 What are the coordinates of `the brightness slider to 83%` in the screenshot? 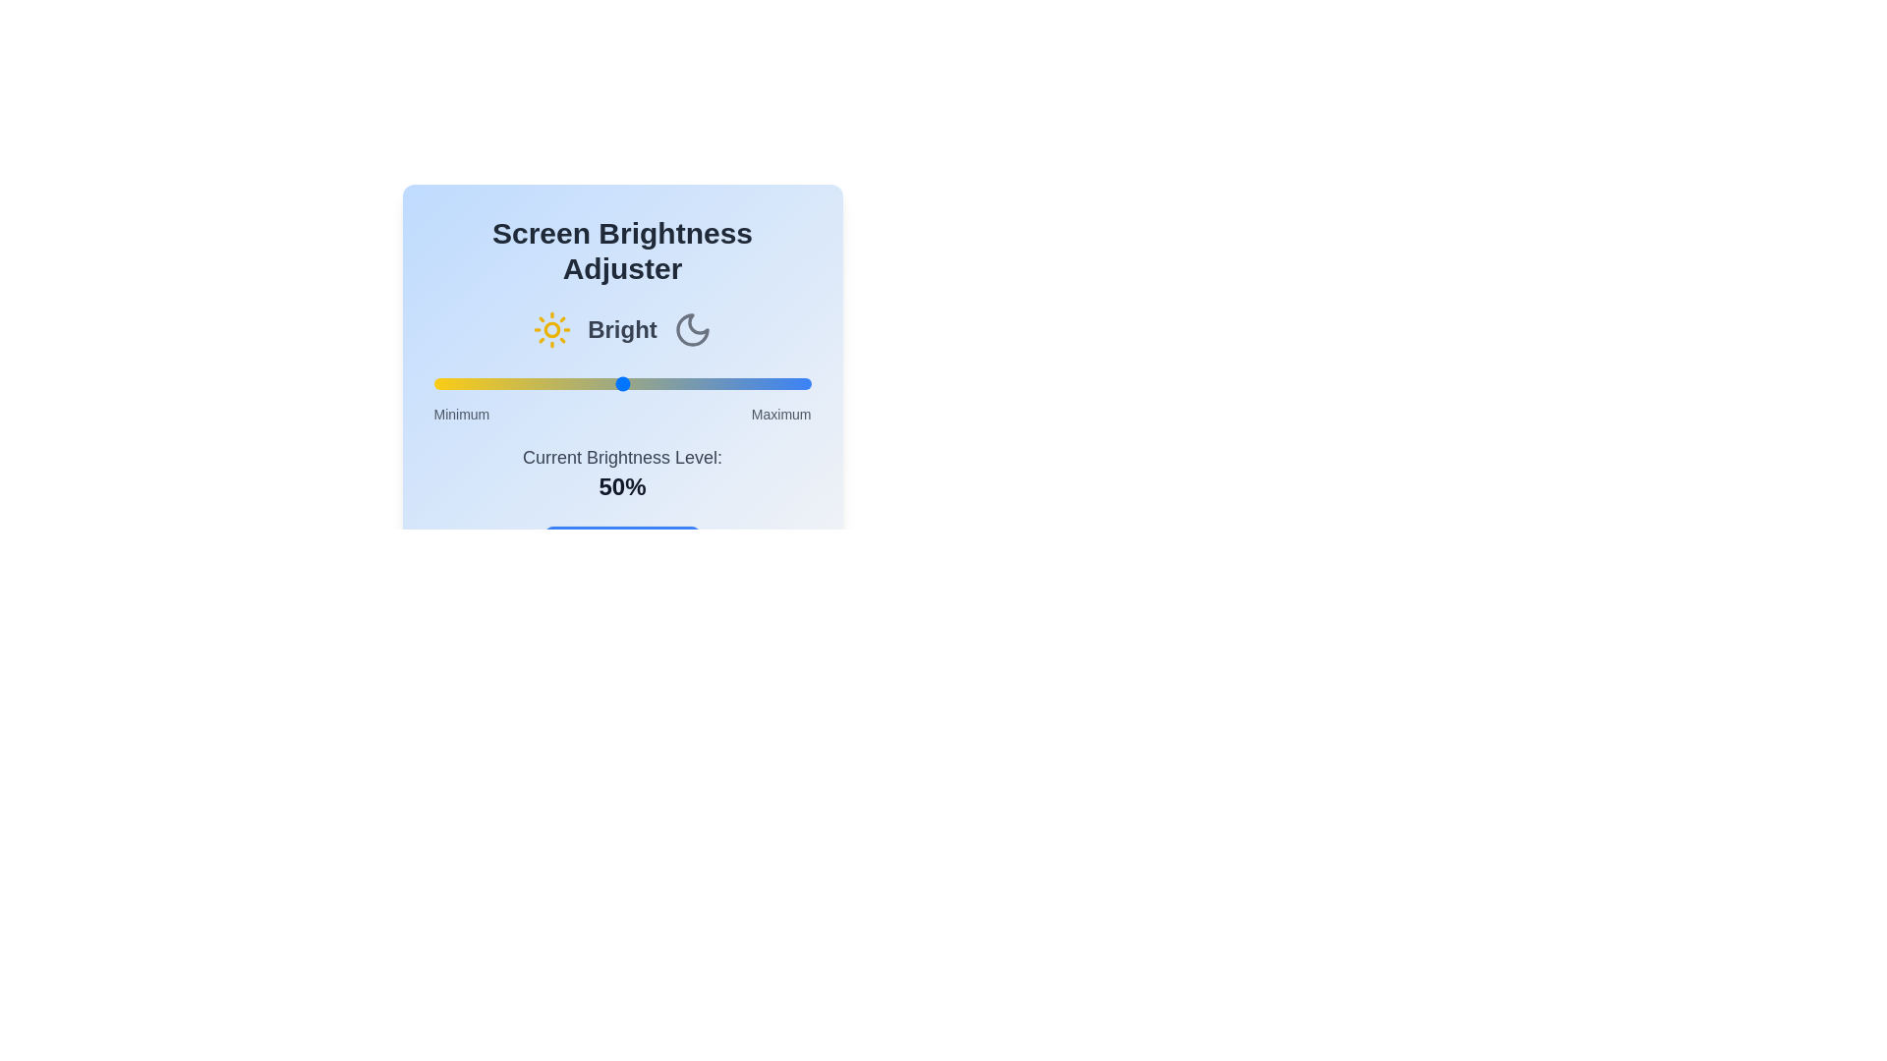 It's located at (746, 383).